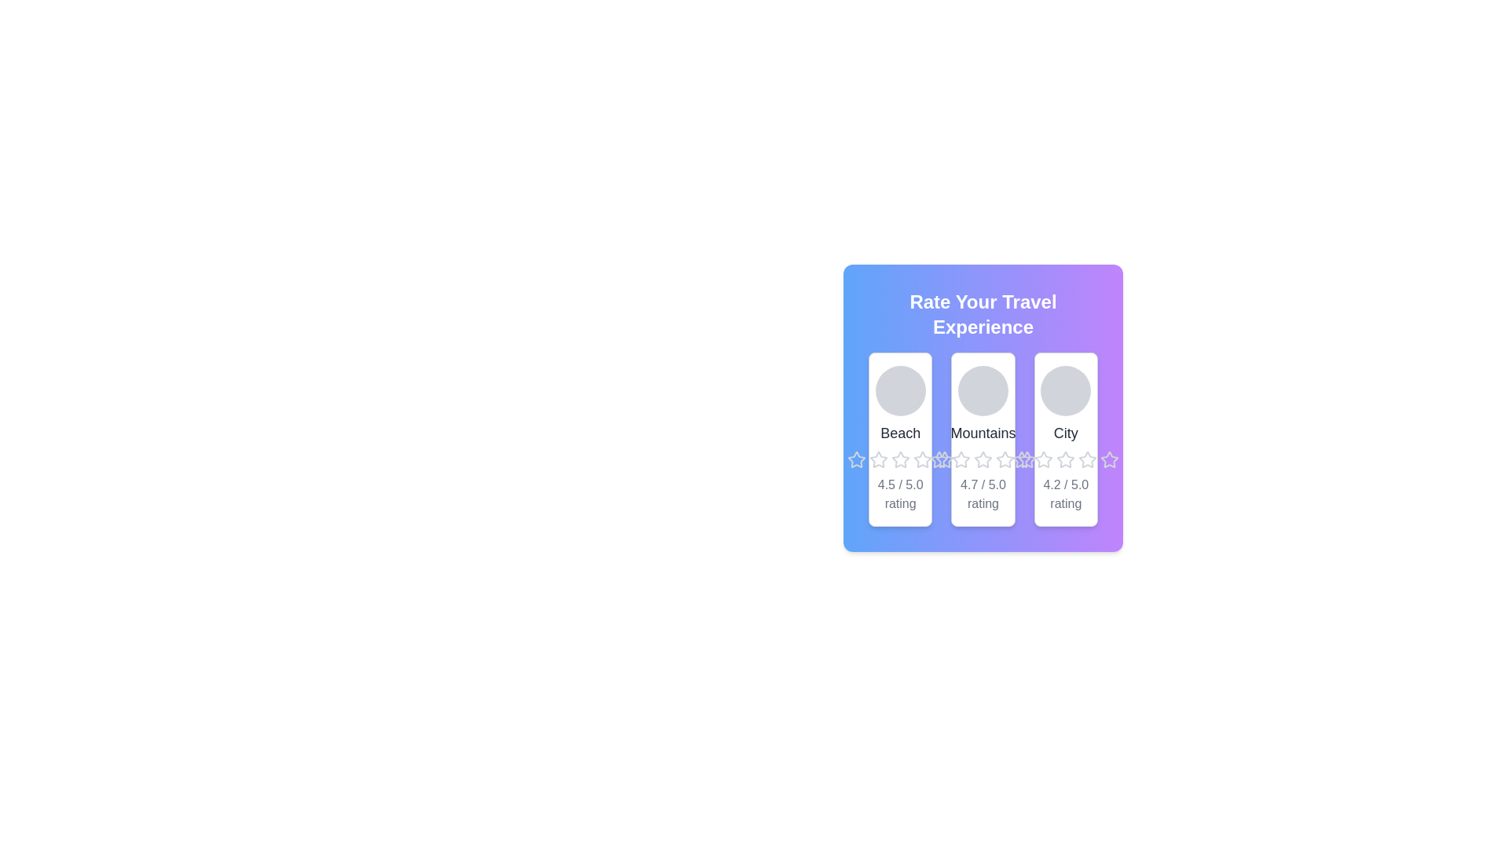 The height and width of the screenshot is (848, 1508). Describe the element at coordinates (1066, 433) in the screenshot. I see `the label that describes a category related to the content in the card, specifically under the context title 'Rate Your Travel Experience'` at that location.